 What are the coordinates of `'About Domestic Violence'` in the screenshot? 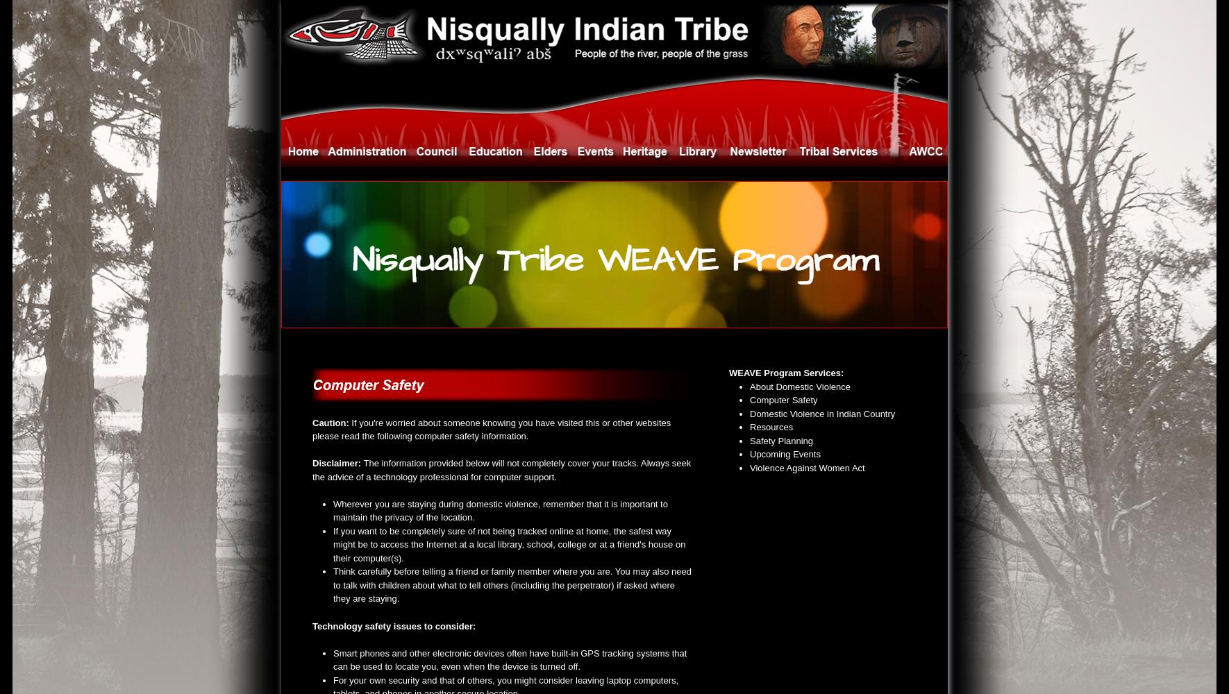 It's located at (800, 386).